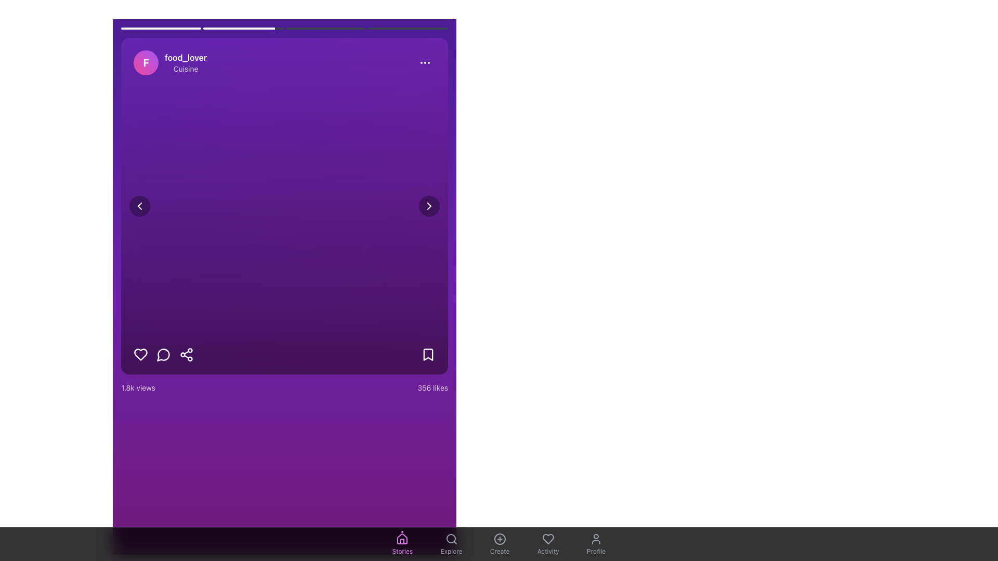 Image resolution: width=998 pixels, height=561 pixels. I want to click on label text 'Profile' located at the bottom navigation bar, styled in gray and transitioning to fuchsia on hover, so click(596, 551).